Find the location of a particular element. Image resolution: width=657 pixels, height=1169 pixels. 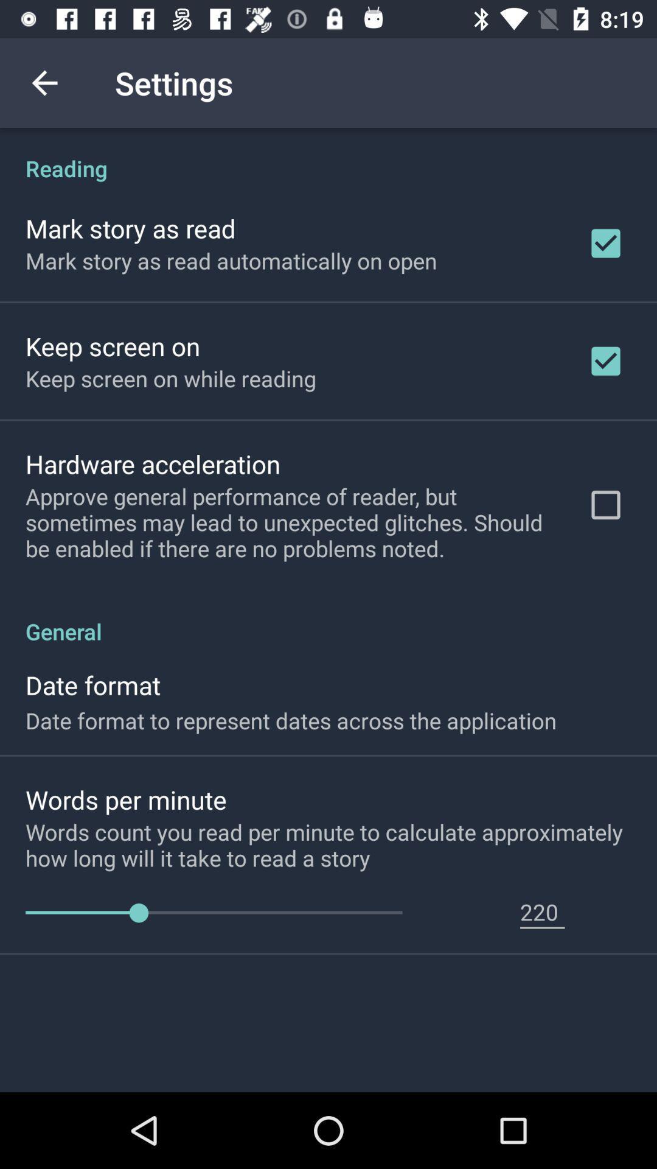

item next to 220 is located at coordinates (213, 913).